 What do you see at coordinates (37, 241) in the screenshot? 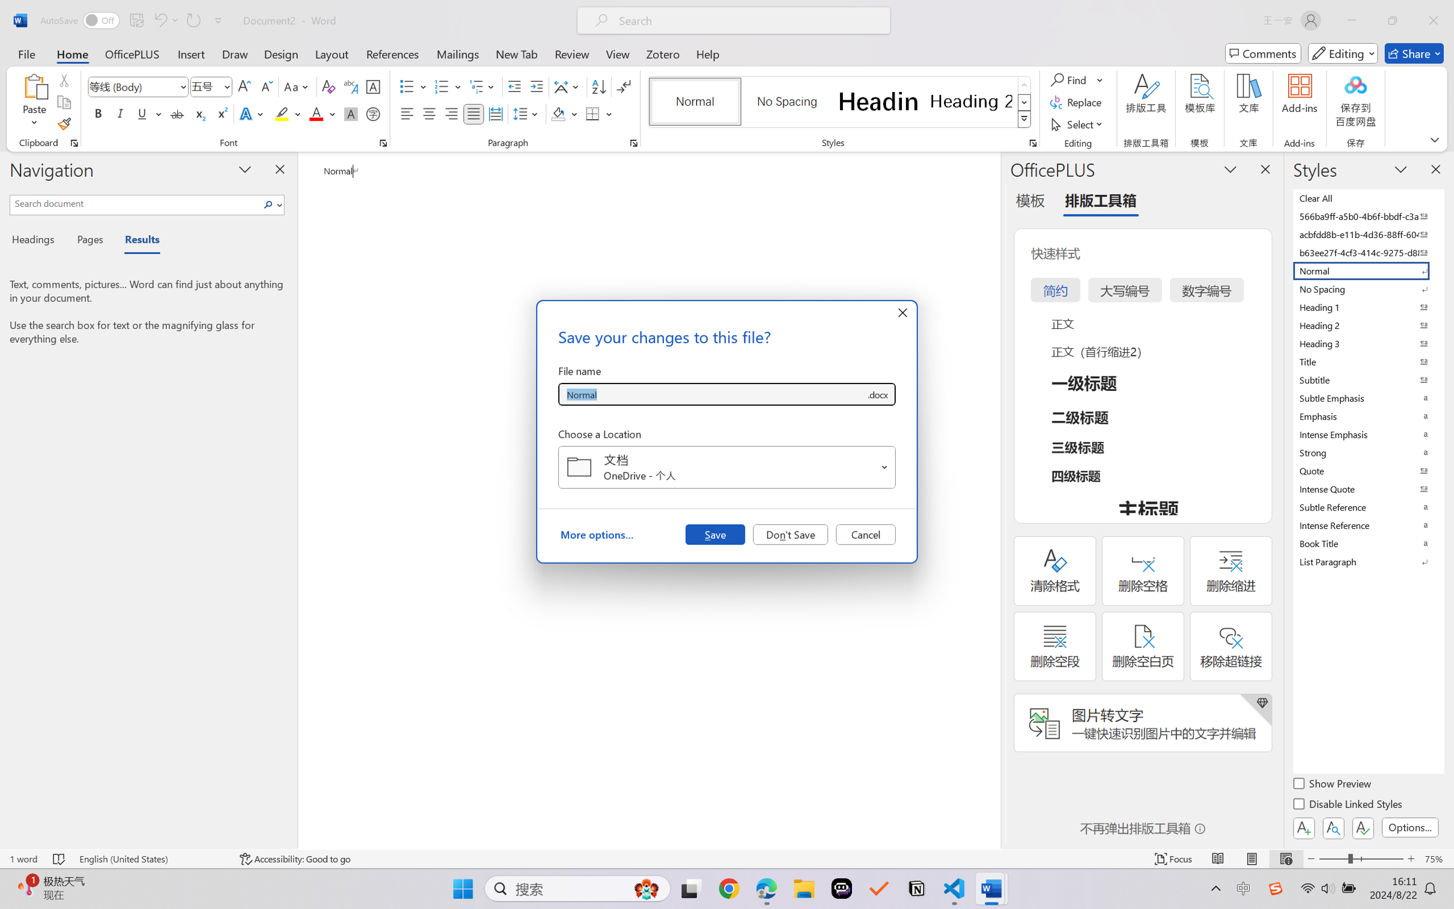
I see `'Headings'` at bounding box center [37, 241].